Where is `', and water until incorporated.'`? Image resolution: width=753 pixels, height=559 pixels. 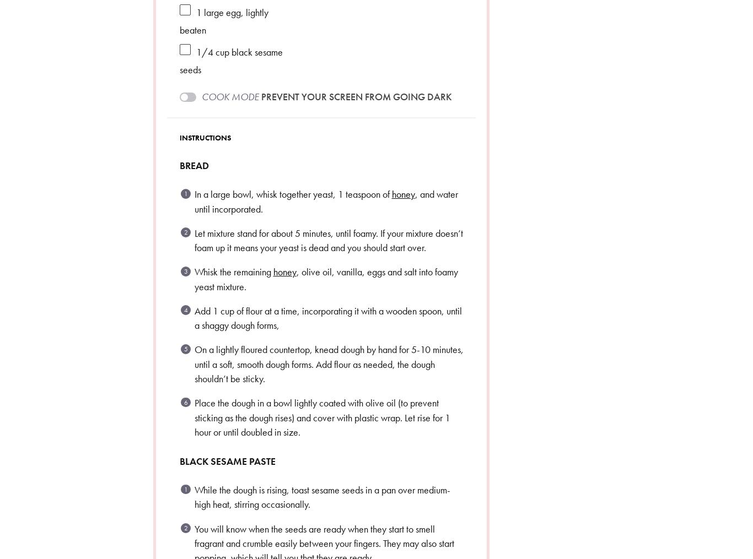
', and water until incorporated.' is located at coordinates (325, 201).